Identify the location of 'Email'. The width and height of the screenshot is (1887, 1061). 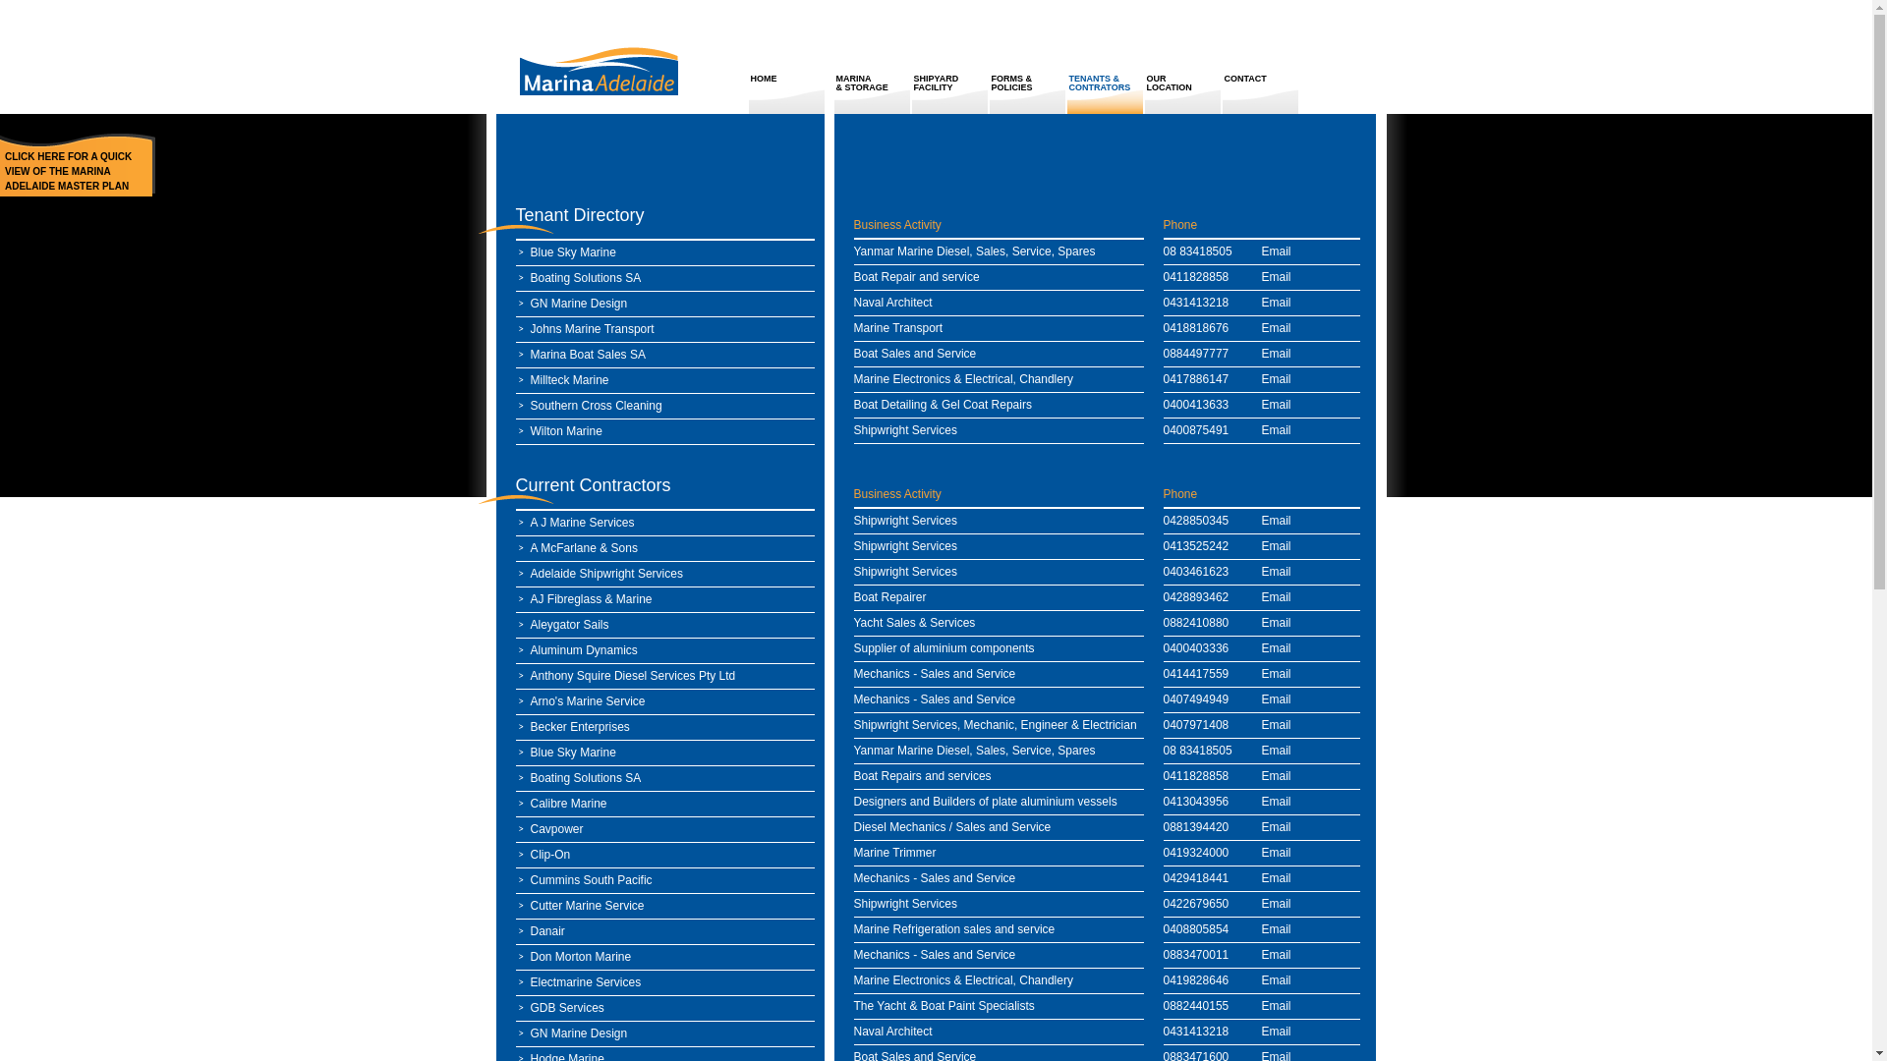
(1277, 596).